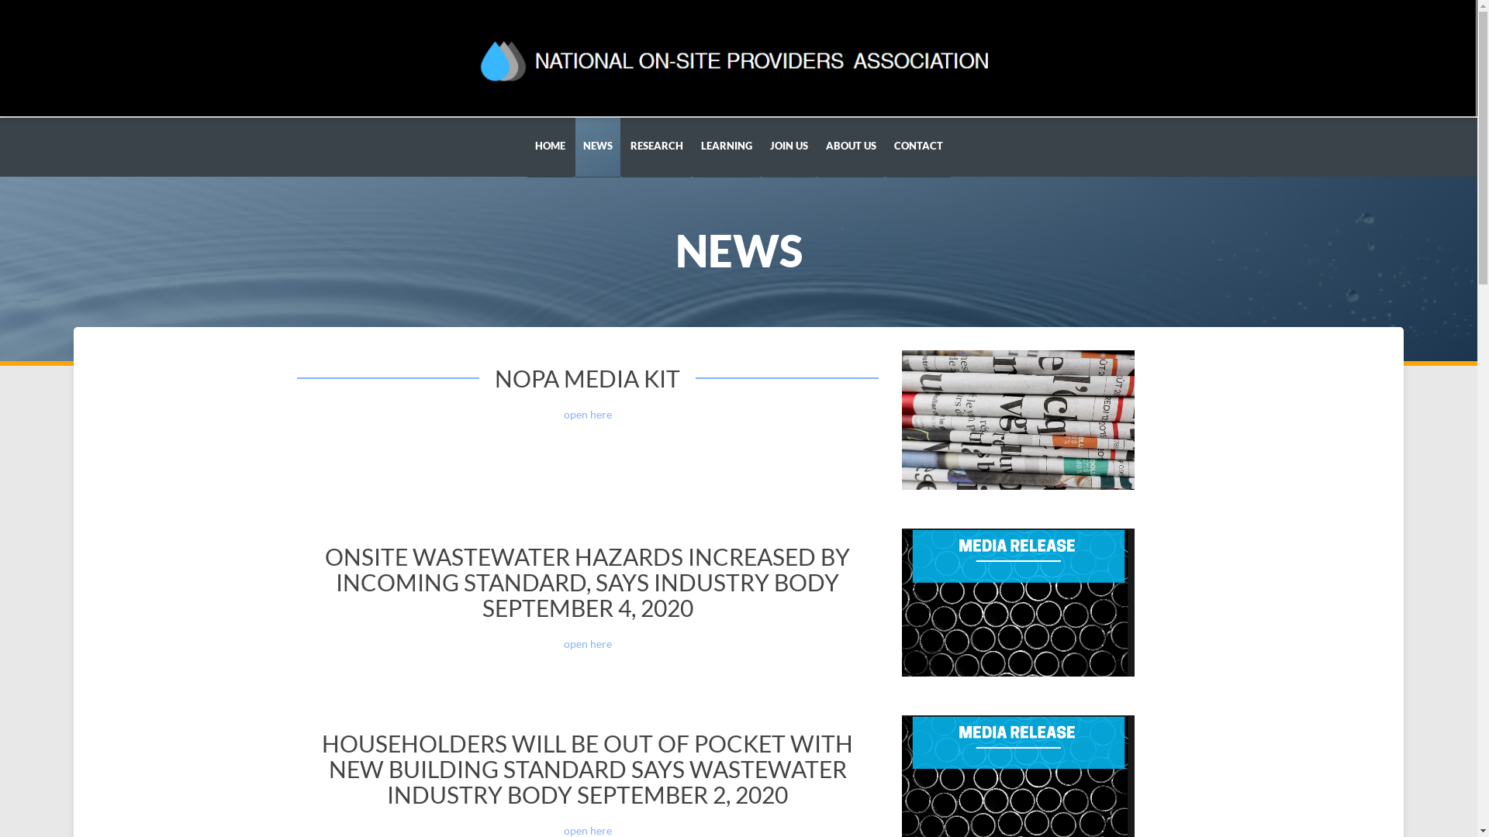  Describe the element at coordinates (550, 147) in the screenshot. I see `'HOME'` at that location.